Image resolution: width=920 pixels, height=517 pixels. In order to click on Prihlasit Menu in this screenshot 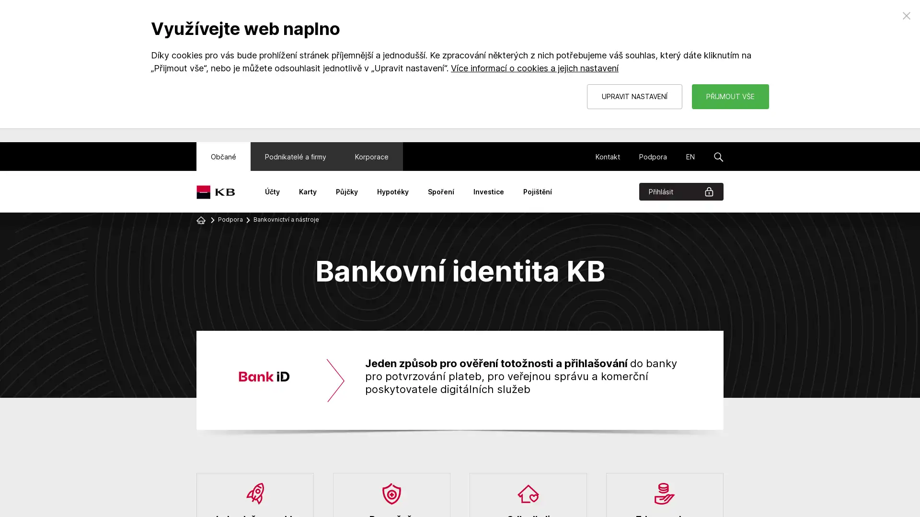, I will do `click(680, 178)`.